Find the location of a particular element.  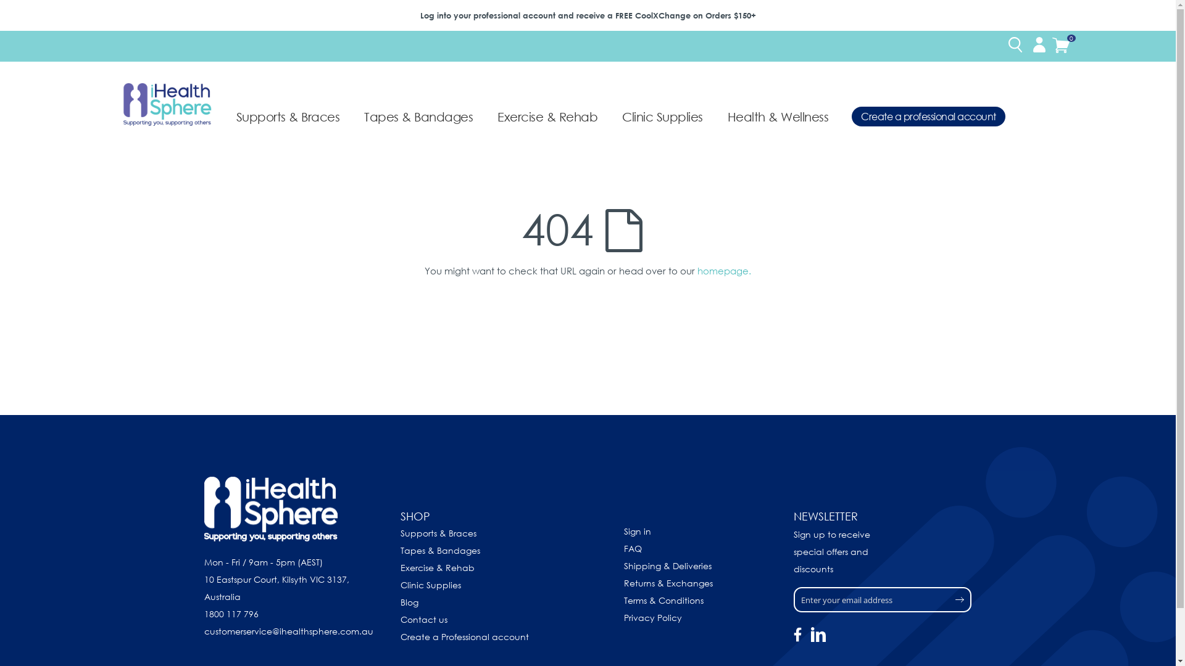

'homepage.' is located at coordinates (724, 270).